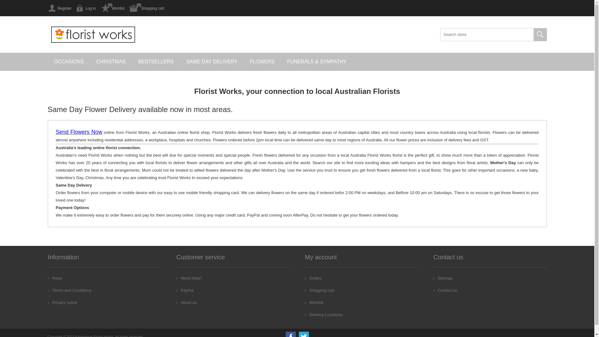 The height and width of the screenshot is (337, 599). What do you see at coordinates (184, 290) in the screenshot?
I see `'PayPal'` at bounding box center [184, 290].